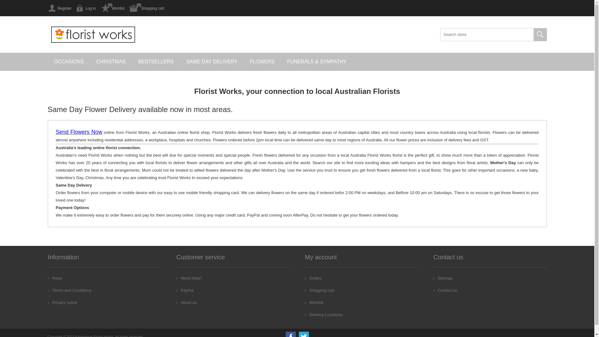 The height and width of the screenshot is (337, 599). What do you see at coordinates (184, 290) in the screenshot?
I see `'PayPal'` at bounding box center [184, 290].